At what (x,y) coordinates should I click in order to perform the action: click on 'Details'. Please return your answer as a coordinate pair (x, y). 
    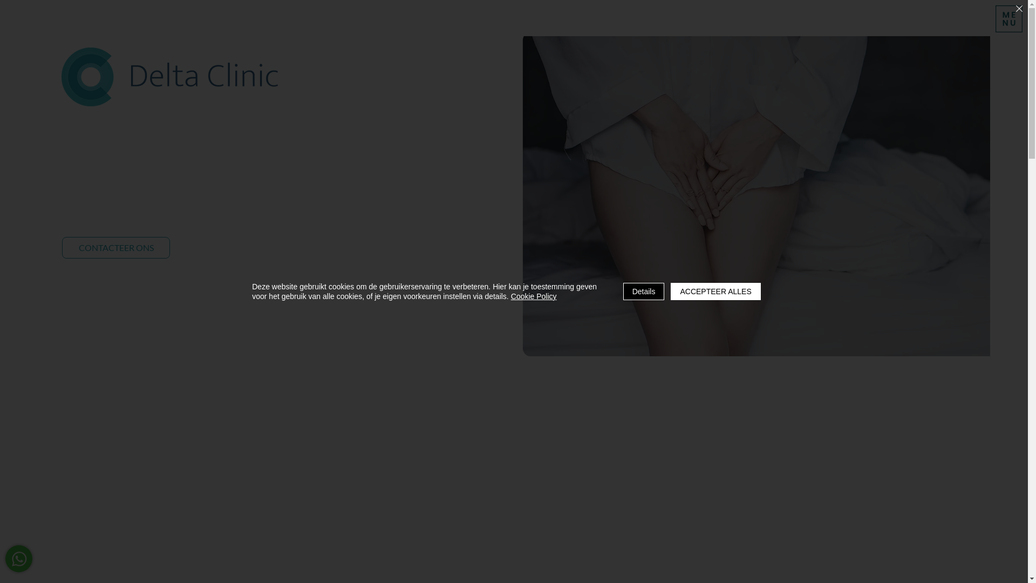
    Looking at the image, I should click on (644, 291).